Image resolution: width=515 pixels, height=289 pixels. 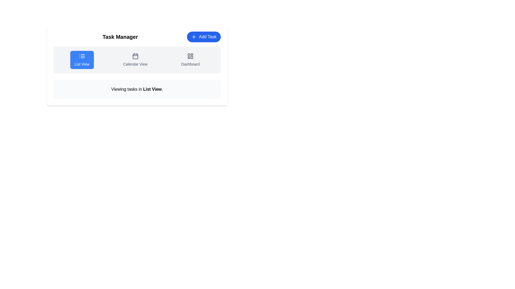 What do you see at coordinates (82, 60) in the screenshot?
I see `the 'List View' button, which has a blue background, rounded corners, and white text with a list icon` at bounding box center [82, 60].